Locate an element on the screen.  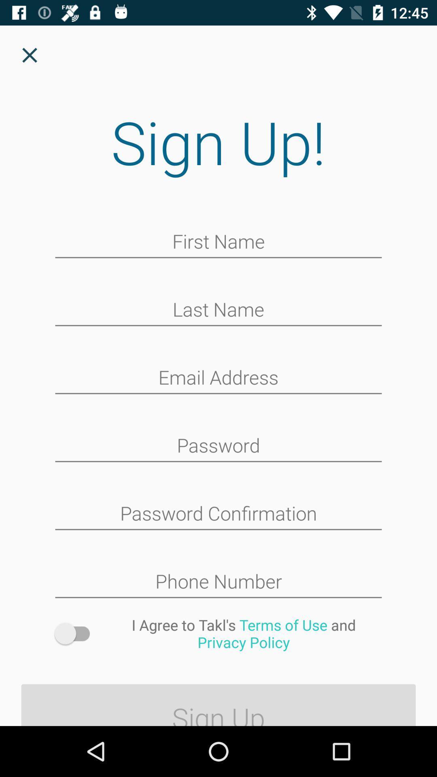
item below sign up! is located at coordinates (218, 242).